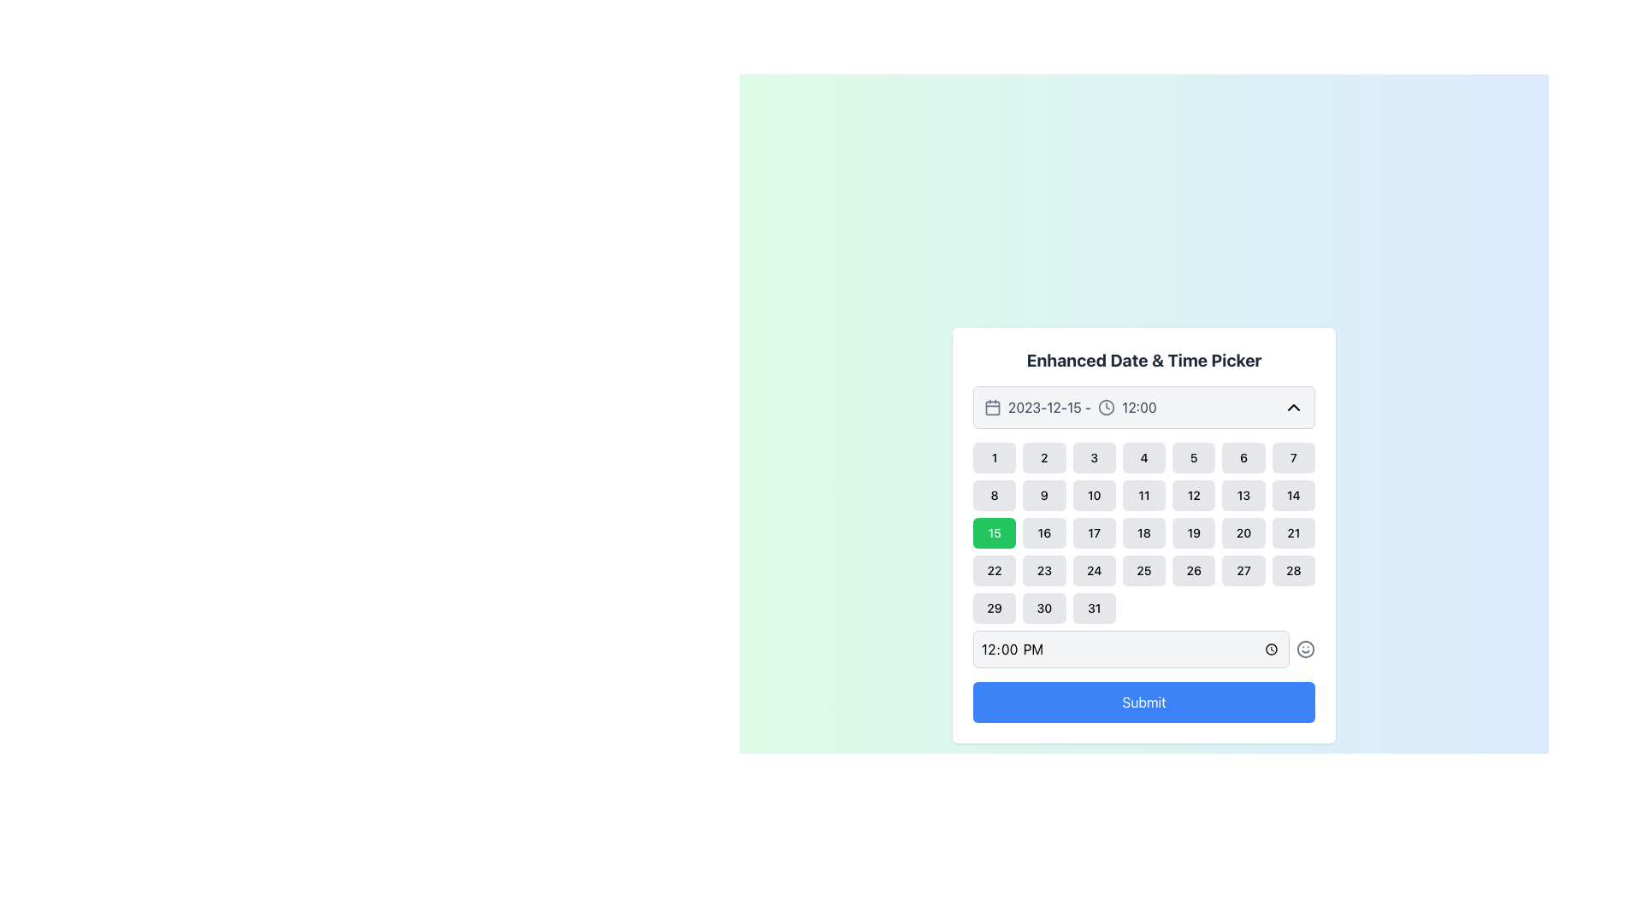 The width and height of the screenshot is (1642, 923). Describe the element at coordinates (1193, 532) in the screenshot. I see `the button` at that location.